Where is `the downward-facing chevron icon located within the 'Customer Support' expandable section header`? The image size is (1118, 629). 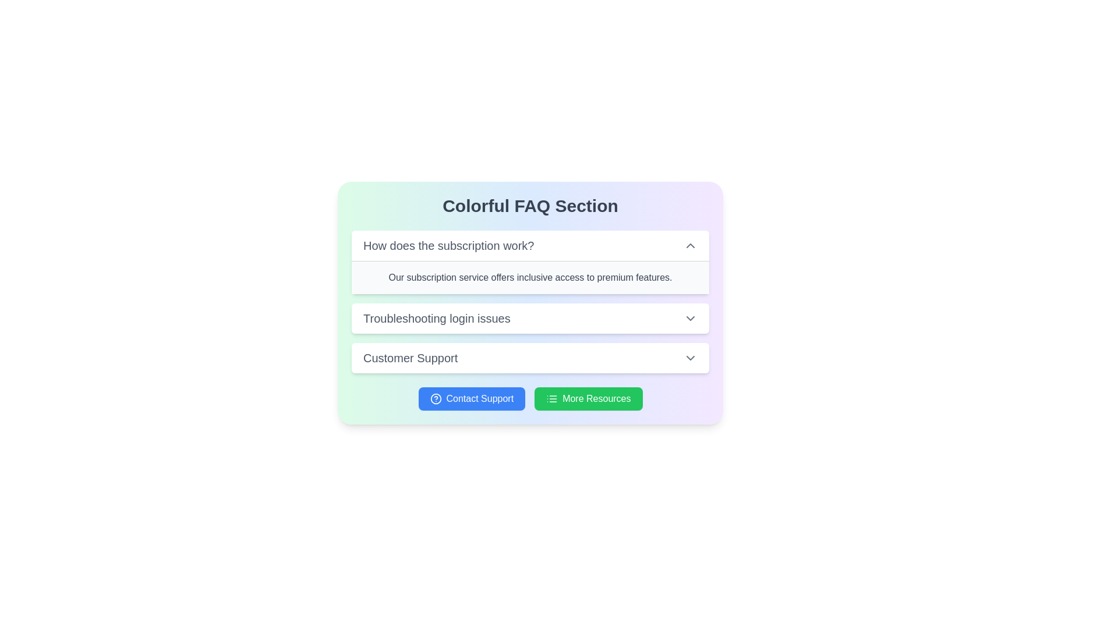 the downward-facing chevron icon located within the 'Customer Support' expandable section header is located at coordinates (690, 357).